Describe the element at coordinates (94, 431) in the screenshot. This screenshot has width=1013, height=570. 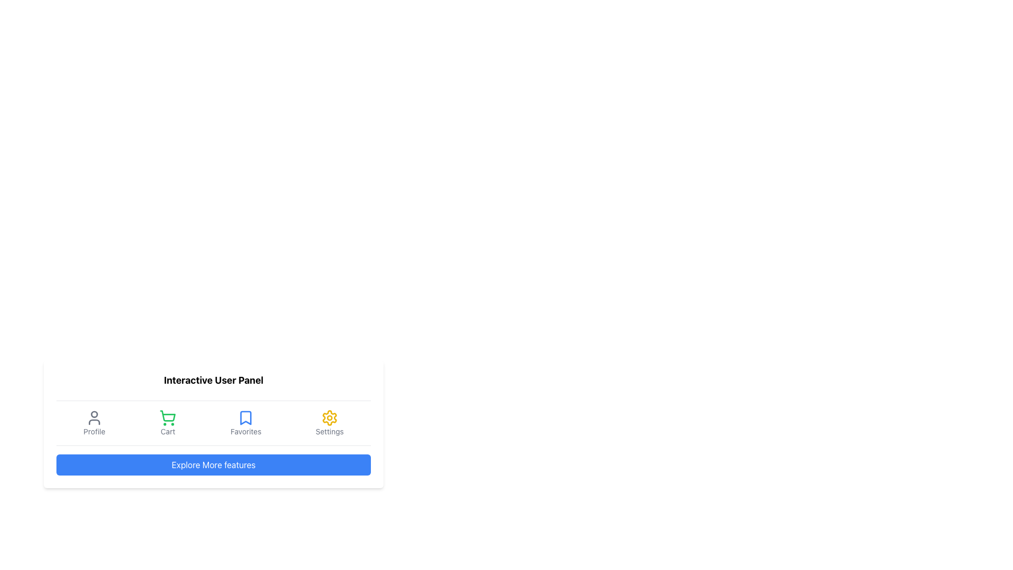
I see `the 'Profile' text label located in the bottom part of the interface, which is under the user icon and to the immediate left of the 'Cart' section` at that location.